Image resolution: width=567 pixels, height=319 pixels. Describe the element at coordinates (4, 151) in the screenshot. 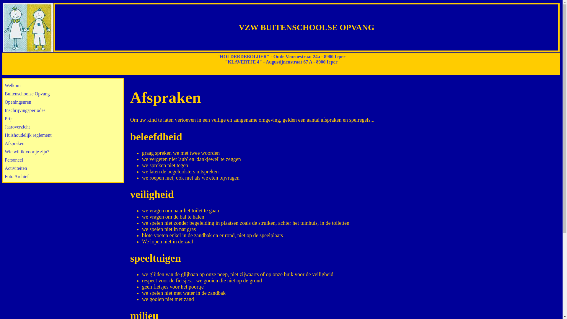

I see `'Wie wil ik voor je zijn?'` at that location.